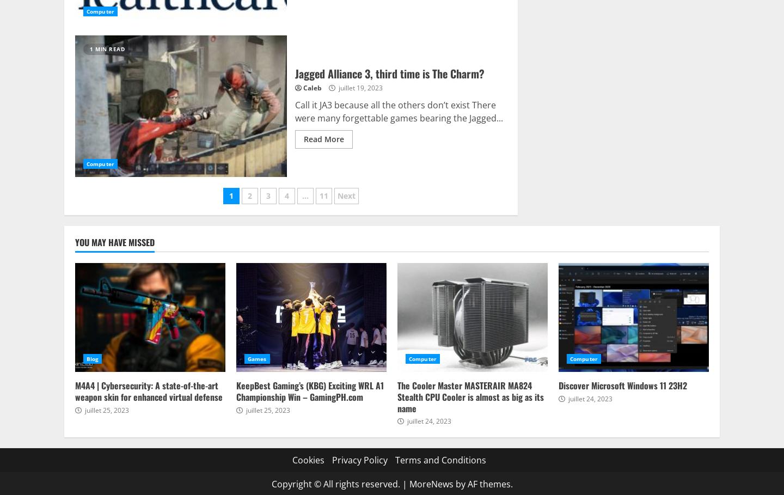 The width and height of the screenshot is (784, 495). I want to click on 'Next', so click(345, 194).